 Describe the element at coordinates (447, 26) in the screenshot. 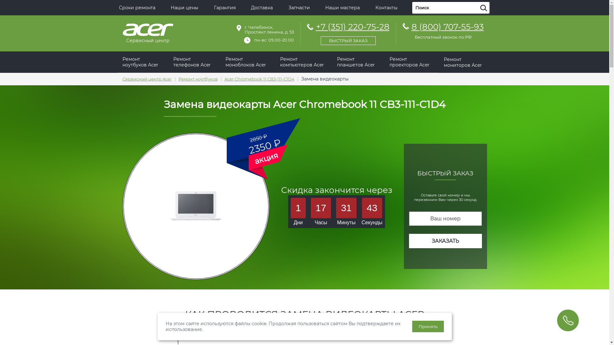

I see `'8 (800) 707-55-93'` at that location.